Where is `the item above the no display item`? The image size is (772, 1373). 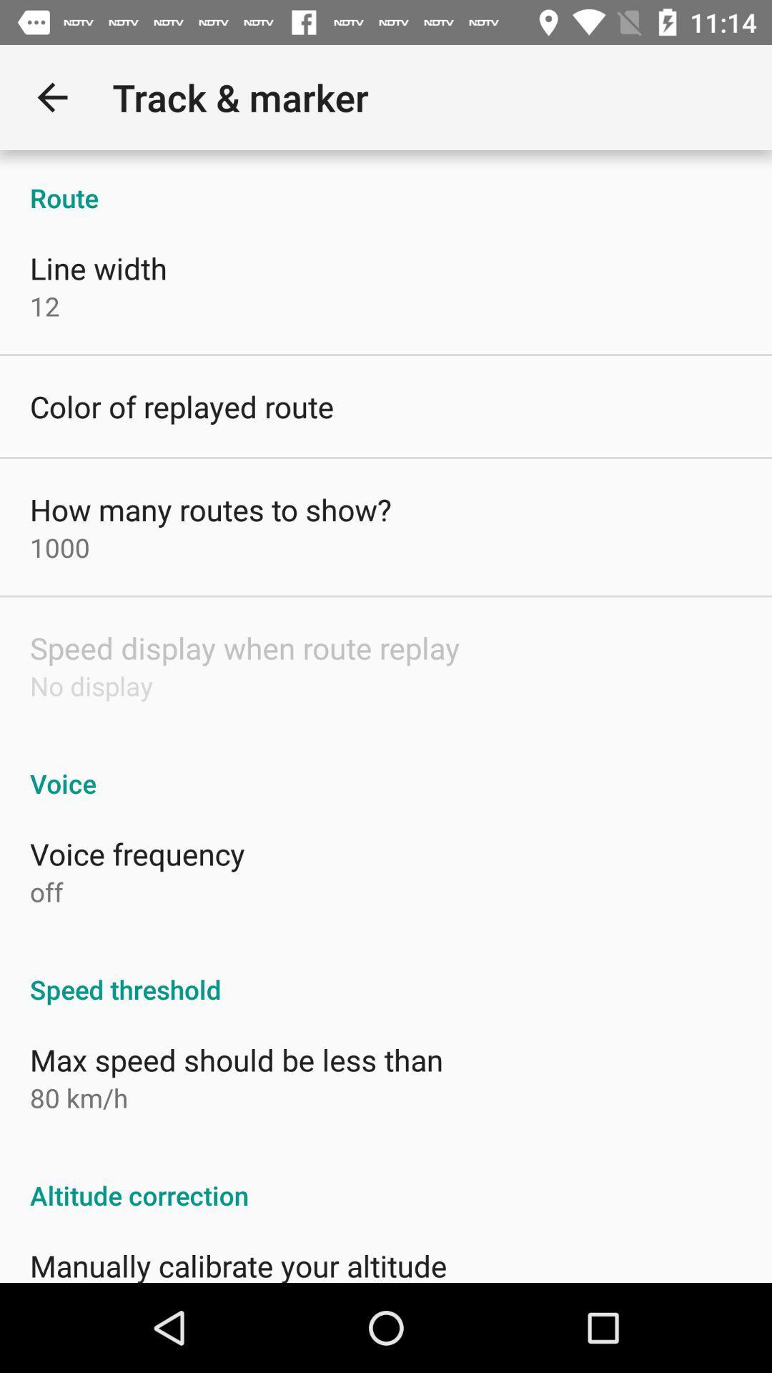 the item above the no display item is located at coordinates (244, 647).